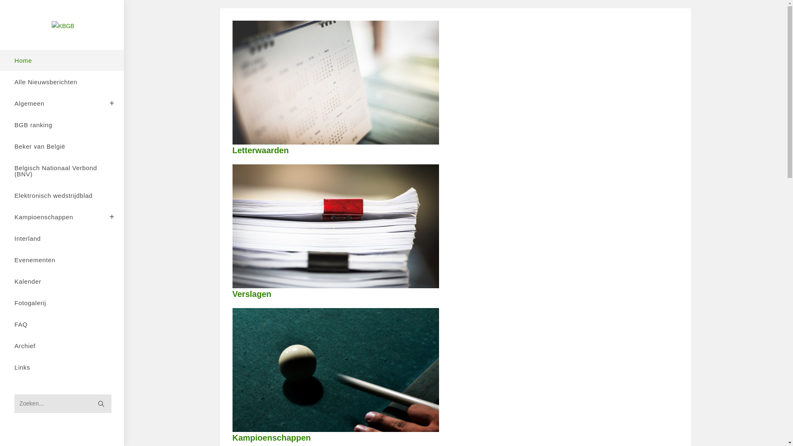  Describe the element at coordinates (61, 238) in the screenshot. I see `'Interland'` at that location.